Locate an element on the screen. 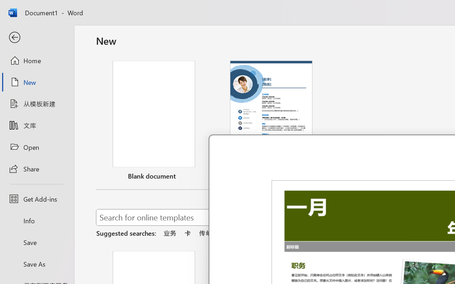 Image resolution: width=455 pixels, height=284 pixels. 'New' is located at coordinates (37, 82).